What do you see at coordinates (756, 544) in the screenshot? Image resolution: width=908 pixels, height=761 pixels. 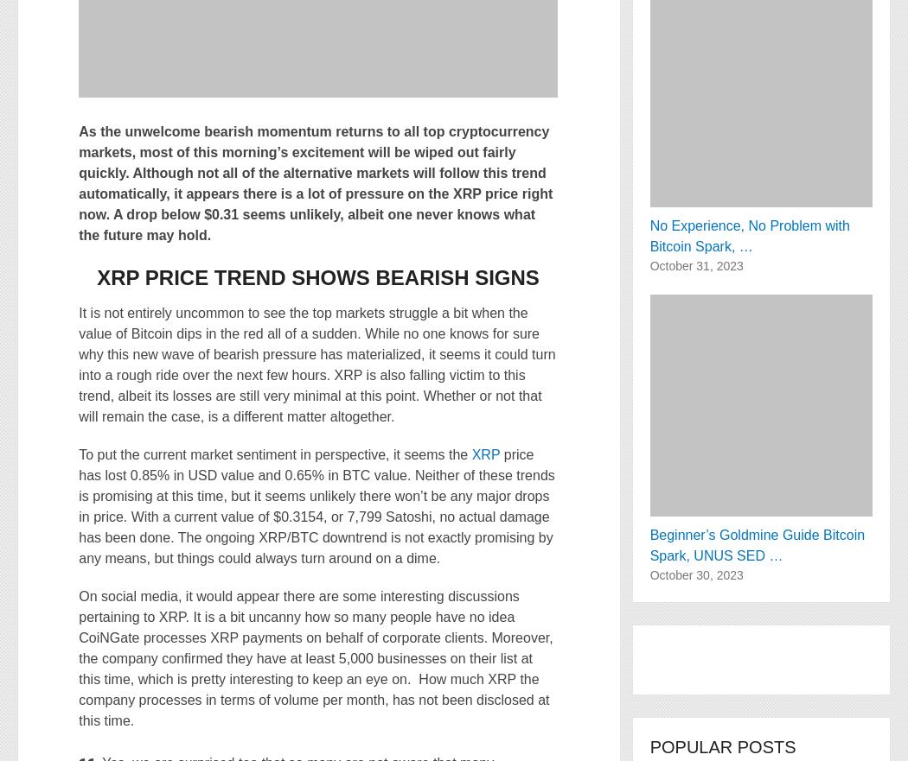 I see `'Beginner’s Goldmine Guide Bitcoin Spark, UNUS SED …'` at bounding box center [756, 544].